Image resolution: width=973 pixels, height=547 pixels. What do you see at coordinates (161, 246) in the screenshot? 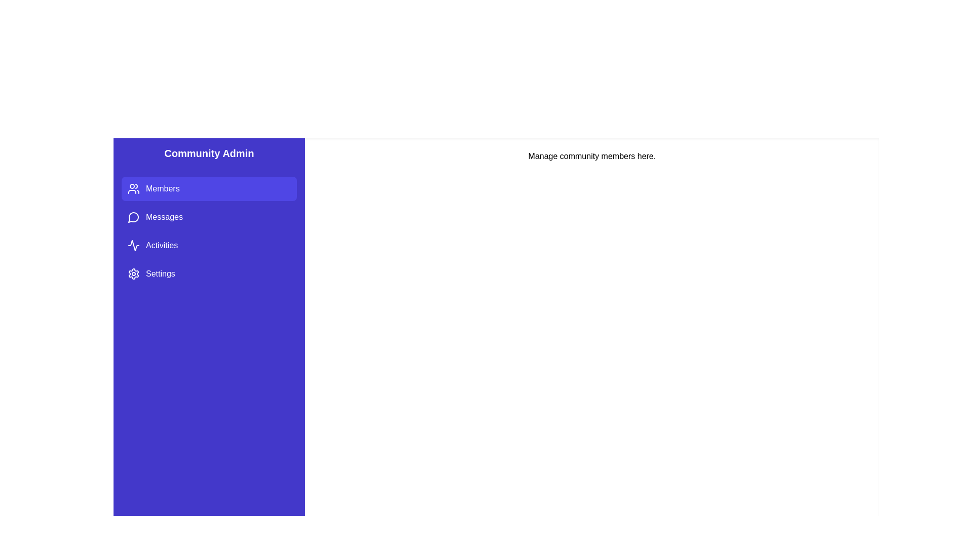
I see `the 'Activities' text label in the vertical navigation menu, located below 'Messages' and above 'Settings', to help users navigate to the corresponding area` at bounding box center [161, 246].